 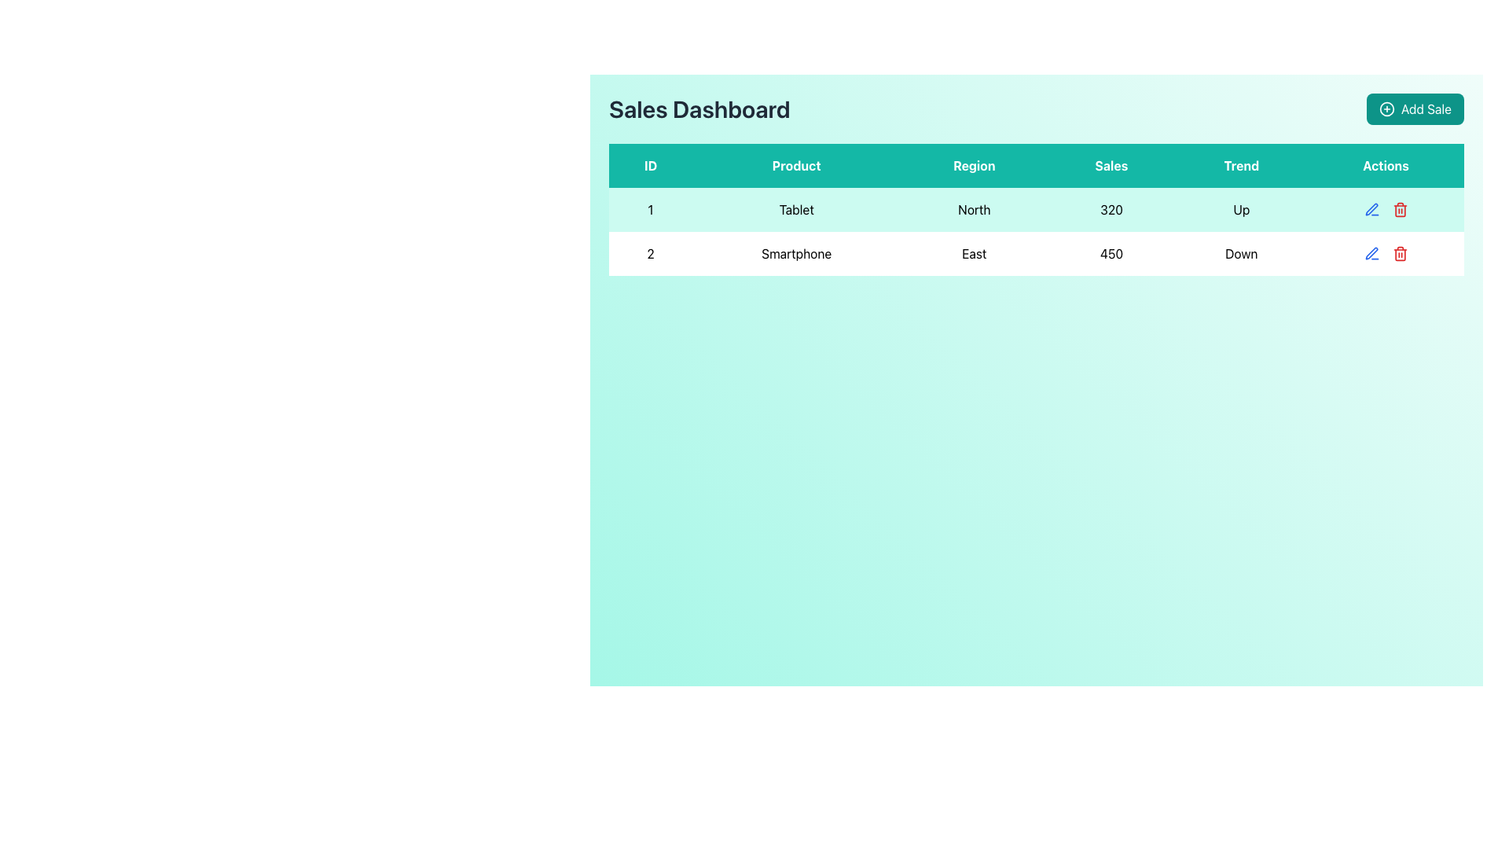 What do you see at coordinates (1111, 166) in the screenshot?
I see `the 'Sales' header cell in the table, which is the fourth cell in a row of six header cells, to interact with it` at bounding box center [1111, 166].